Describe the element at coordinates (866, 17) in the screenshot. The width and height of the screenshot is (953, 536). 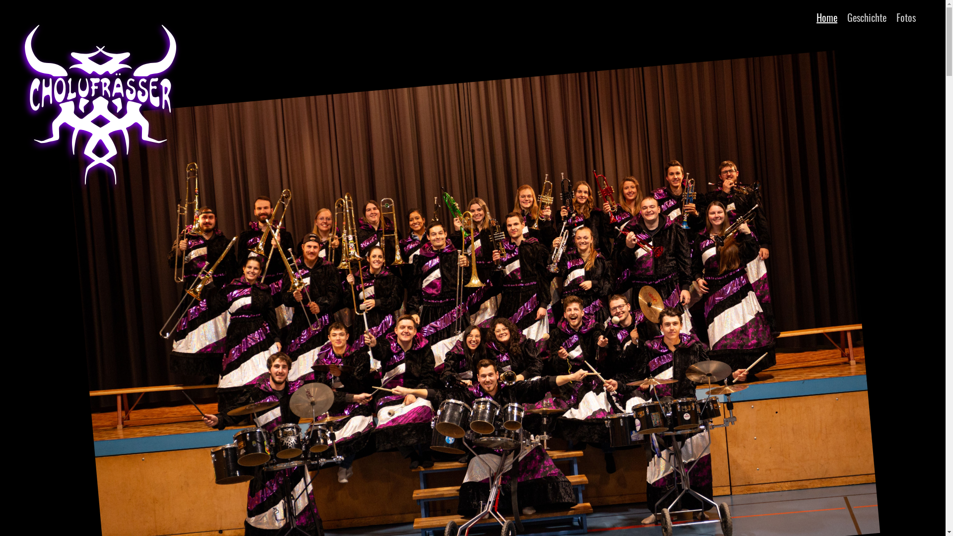
I see `'Geschichte'` at that location.